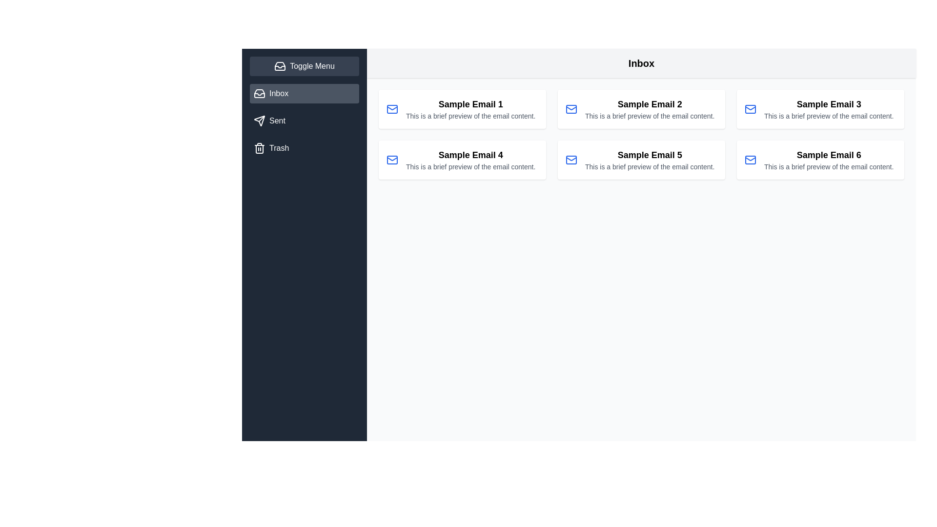 Image resolution: width=937 pixels, height=527 pixels. I want to click on the 'Trash' icon located on the left-side navigation menu, positioned next to the 'Trash' text, so click(260, 148).